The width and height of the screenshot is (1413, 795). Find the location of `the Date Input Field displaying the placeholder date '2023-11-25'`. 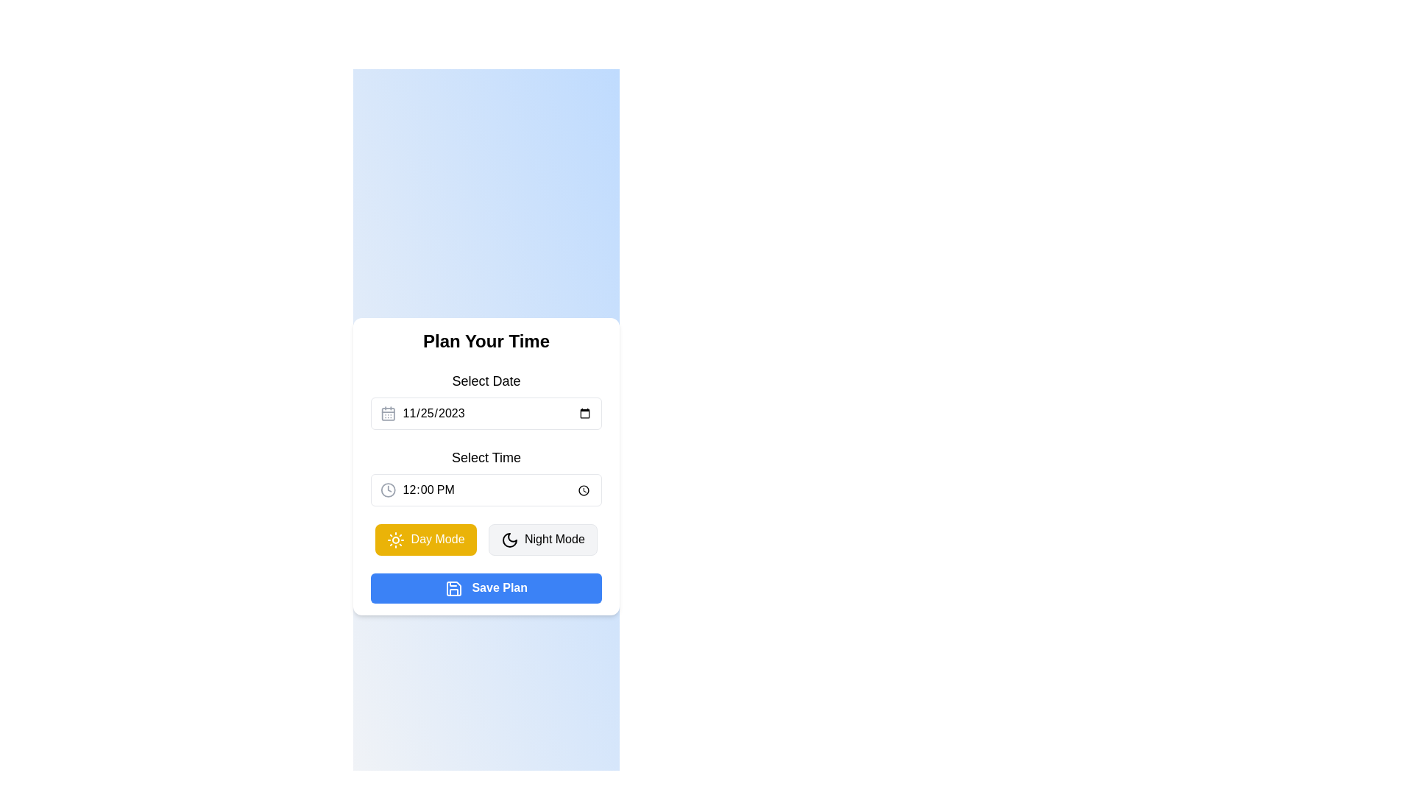

the Date Input Field displaying the placeholder date '2023-11-25' is located at coordinates (497, 414).